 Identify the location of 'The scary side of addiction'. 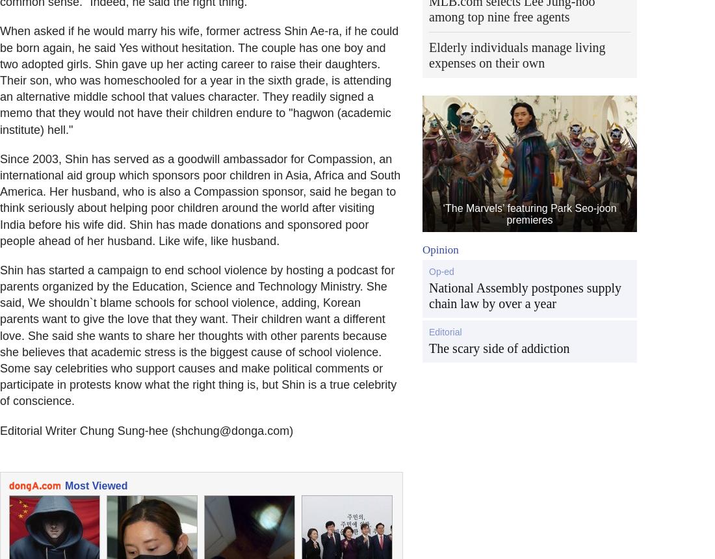
(499, 347).